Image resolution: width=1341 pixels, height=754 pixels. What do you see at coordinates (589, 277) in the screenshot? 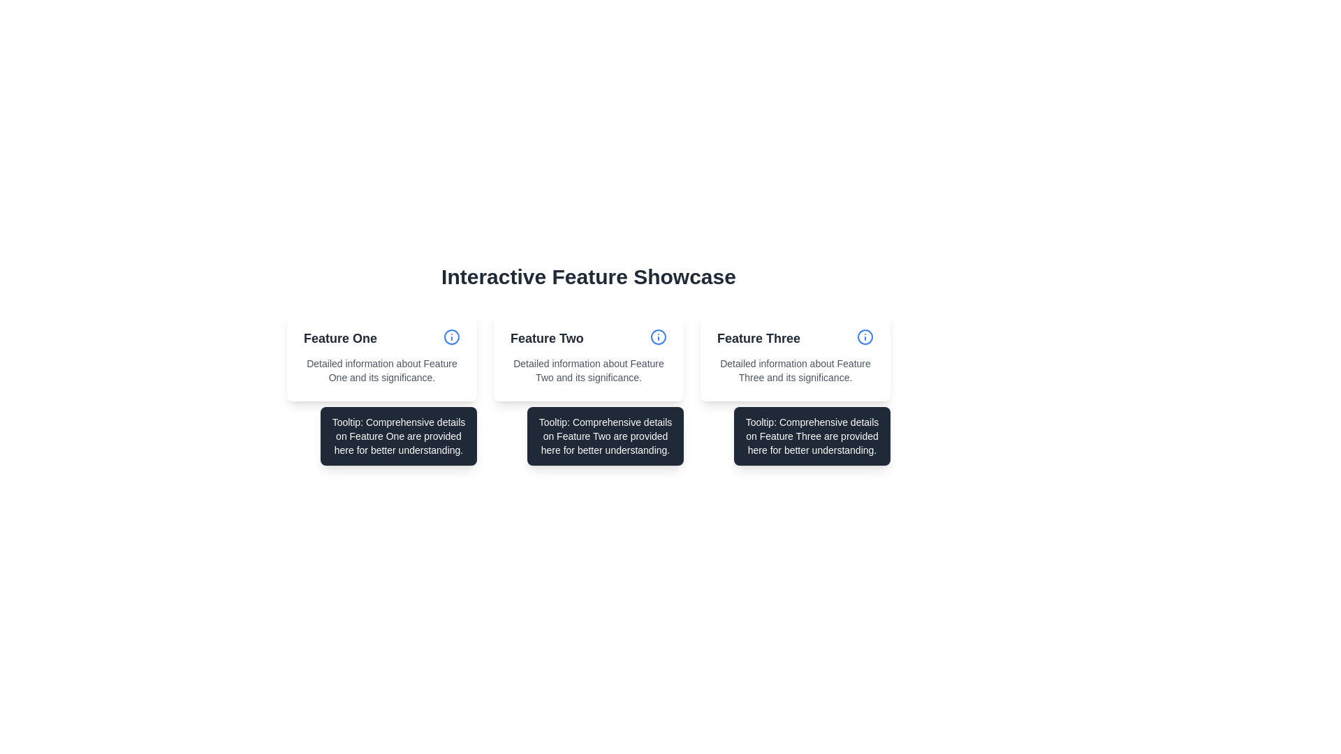
I see `header text 'Interactive Feature Showcase' which is a bold, centered title with a gray color scheme located at the top of the section` at bounding box center [589, 277].